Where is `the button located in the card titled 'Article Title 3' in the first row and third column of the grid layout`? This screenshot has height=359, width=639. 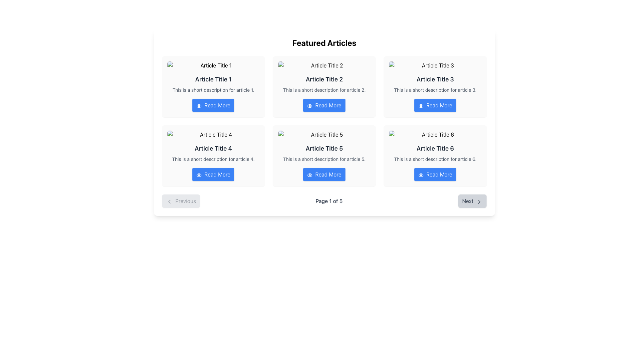
the button located in the card titled 'Article Title 3' in the first row and third column of the grid layout is located at coordinates (435, 105).